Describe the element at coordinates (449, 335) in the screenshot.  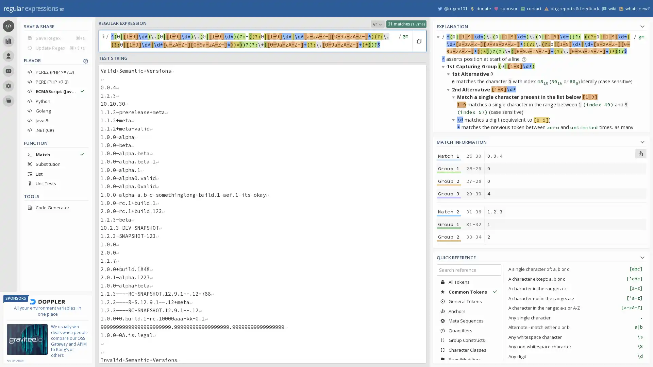
I see `Group 1` at that location.